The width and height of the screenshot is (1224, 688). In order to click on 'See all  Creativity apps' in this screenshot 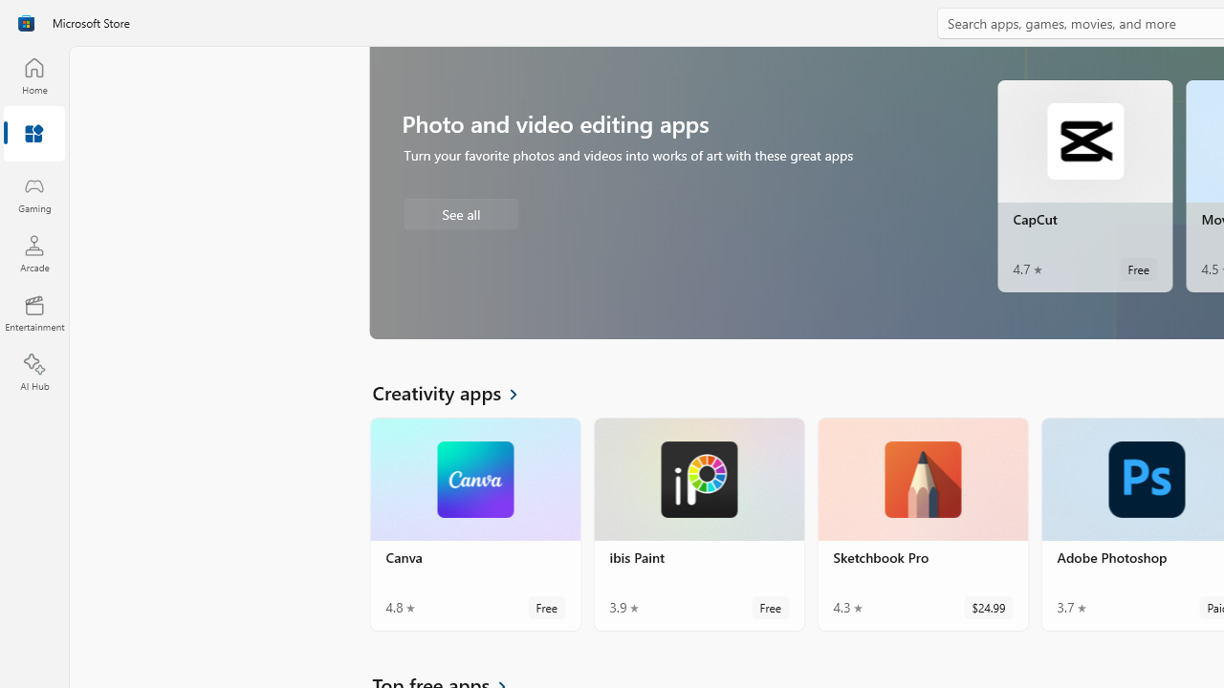, I will do `click(455, 392)`.